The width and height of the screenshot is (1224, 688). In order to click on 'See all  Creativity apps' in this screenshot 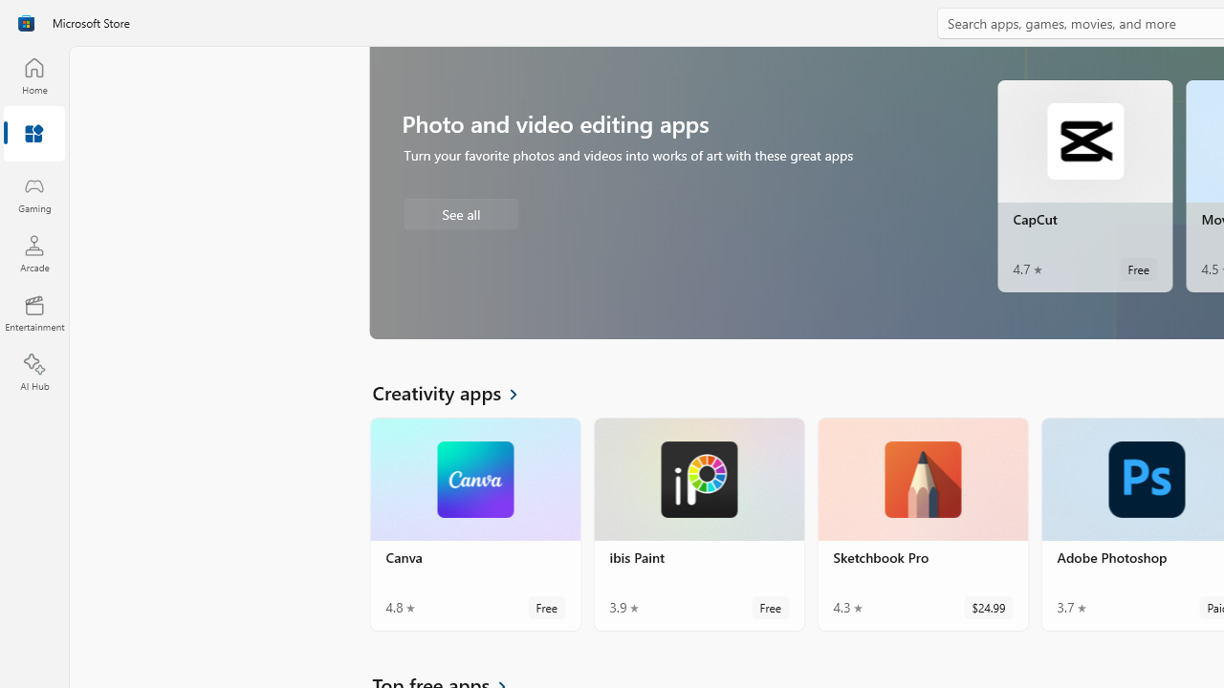, I will do `click(455, 392)`.